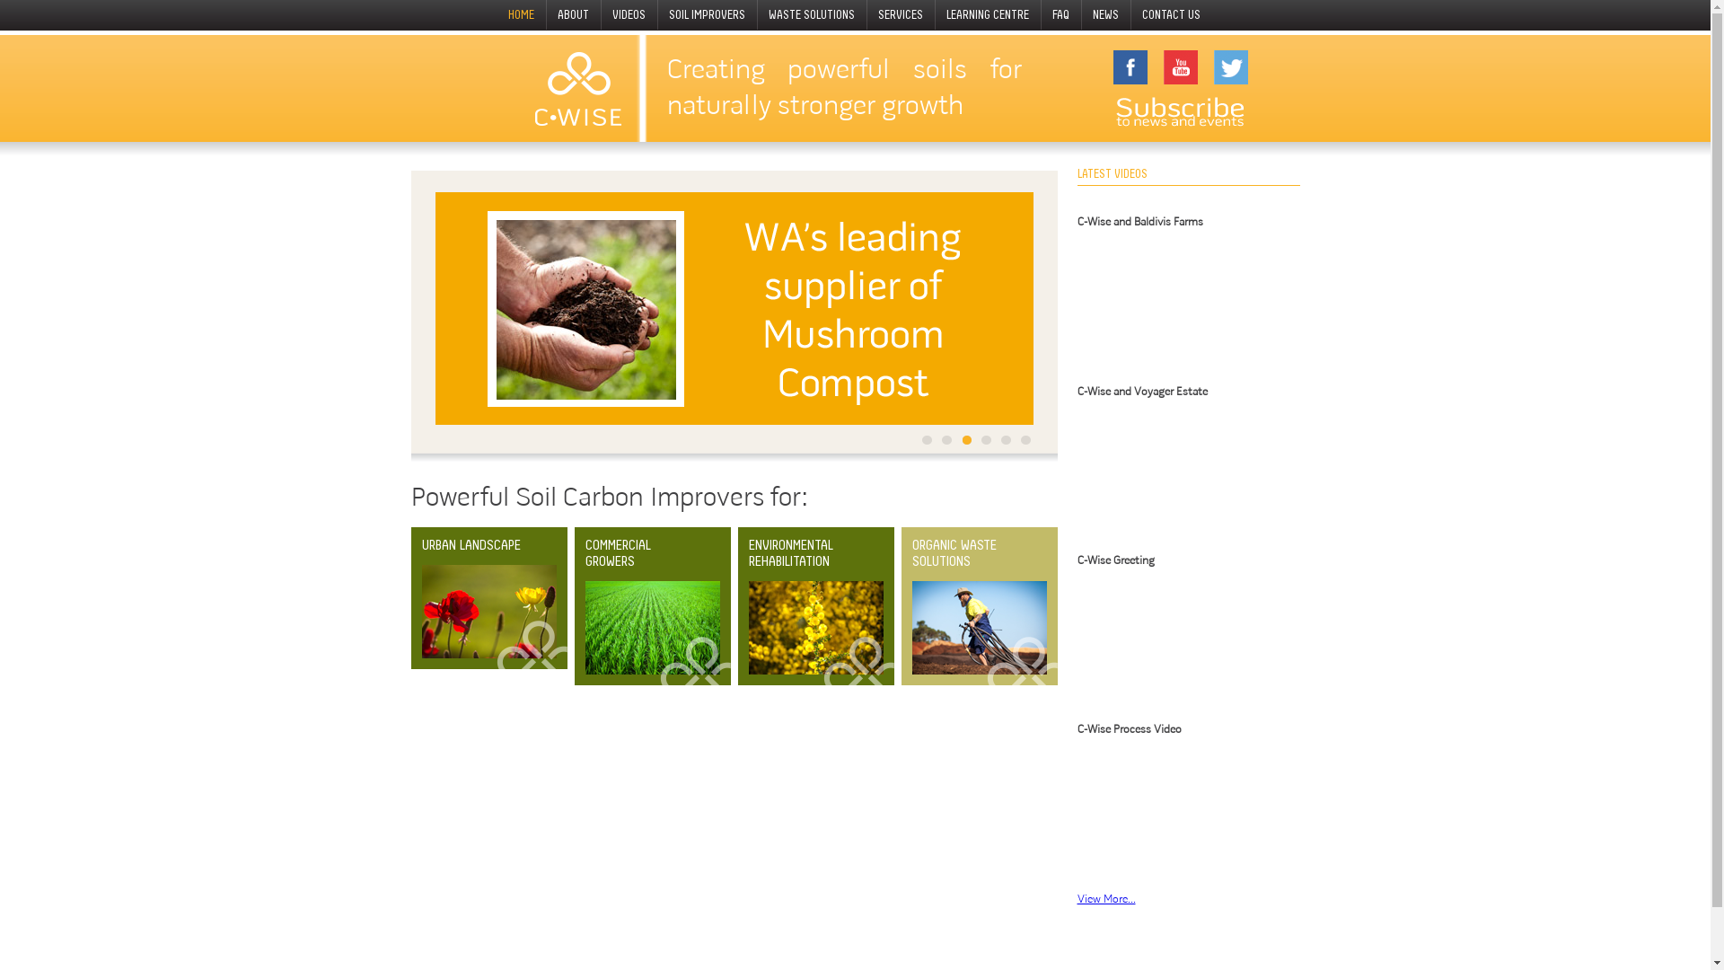 The height and width of the screenshot is (970, 1724). Describe the element at coordinates (573, 14) in the screenshot. I see `'ABOUT'` at that location.